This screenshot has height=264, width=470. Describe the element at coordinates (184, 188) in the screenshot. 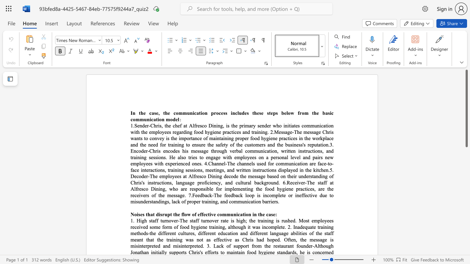

I see `the 1th character "r" in the text` at that location.